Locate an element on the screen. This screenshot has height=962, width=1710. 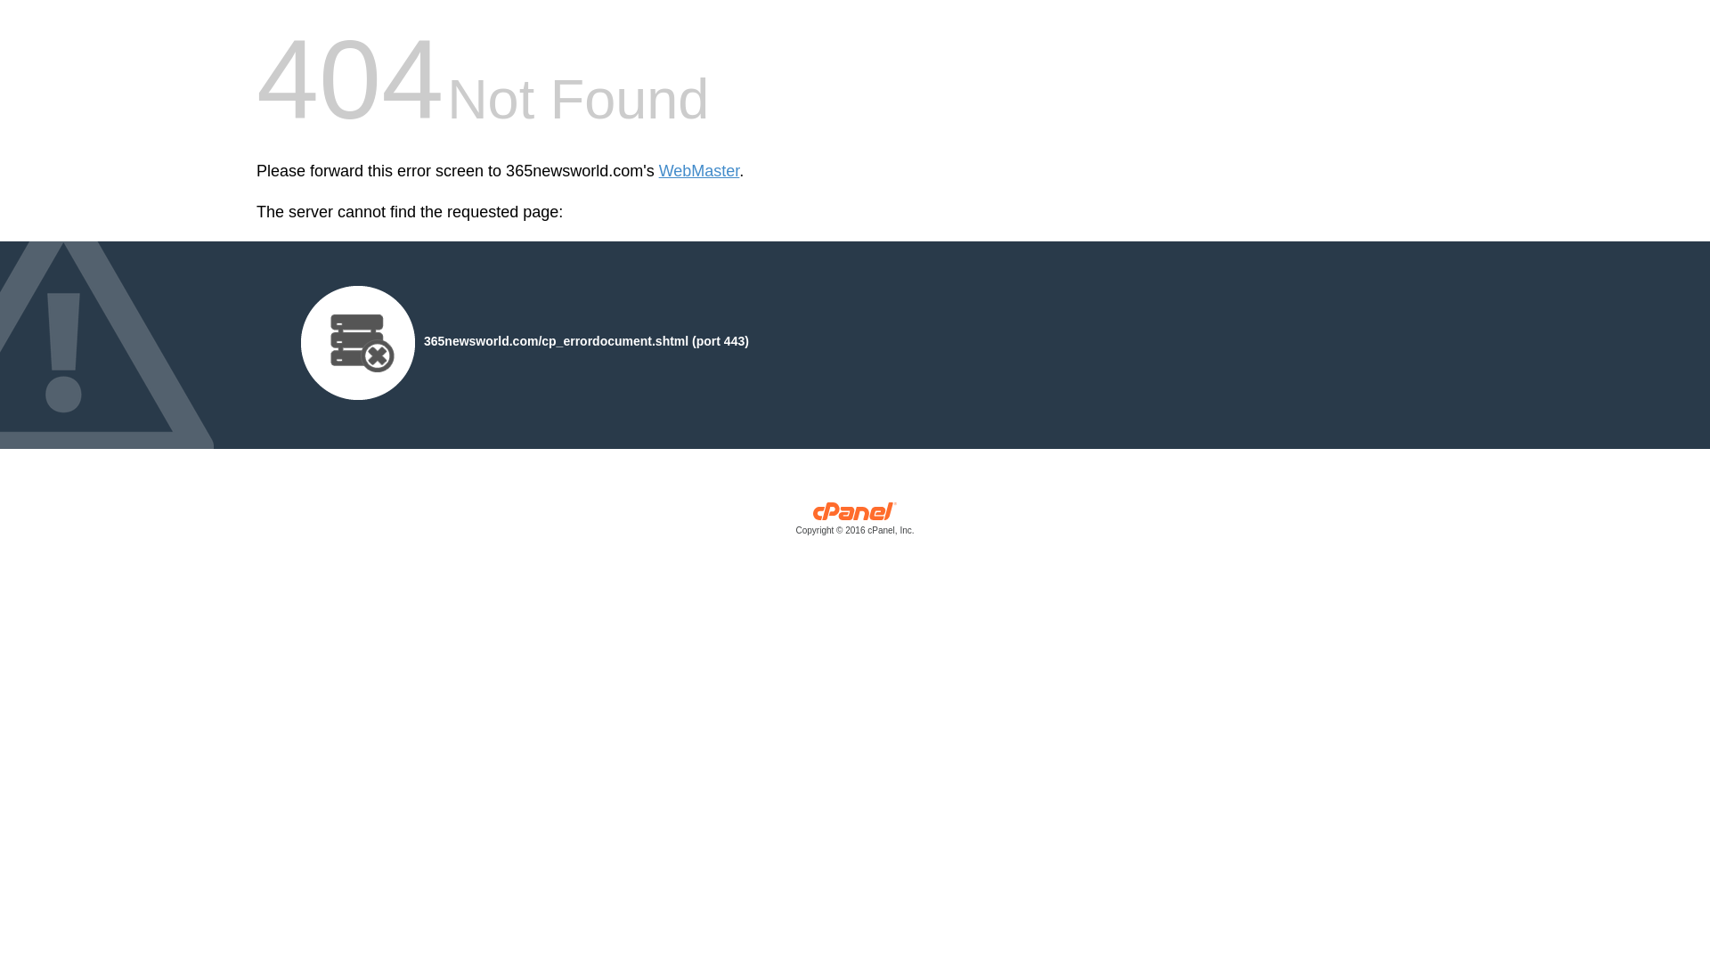
'WebMaster' is located at coordinates (698, 171).